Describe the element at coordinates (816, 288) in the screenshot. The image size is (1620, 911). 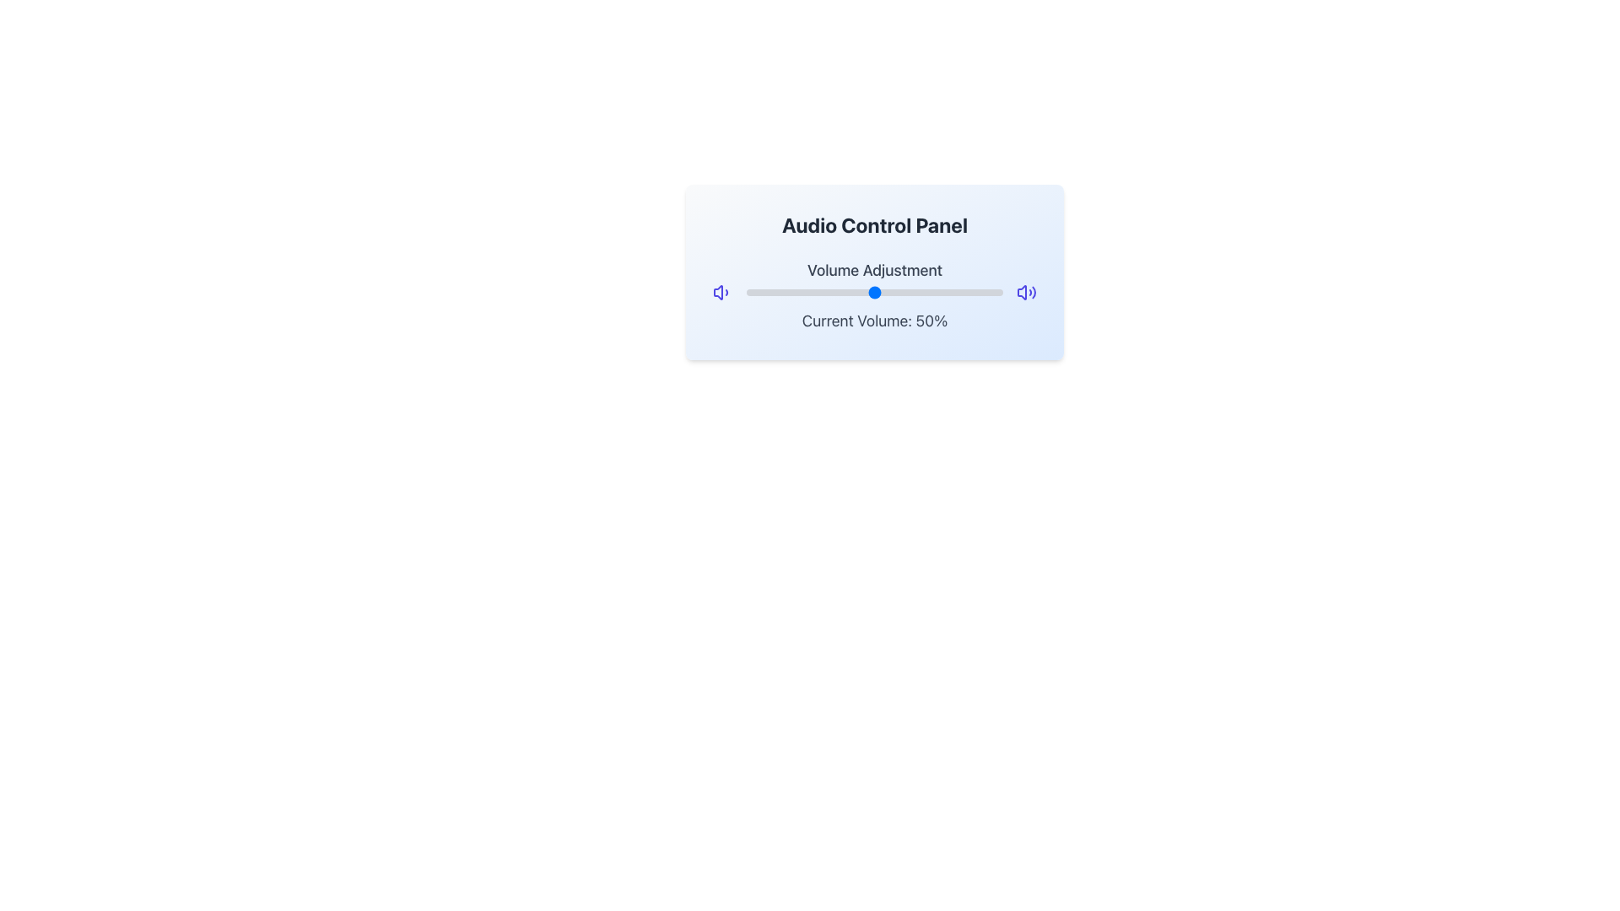
I see `the volume` at that location.